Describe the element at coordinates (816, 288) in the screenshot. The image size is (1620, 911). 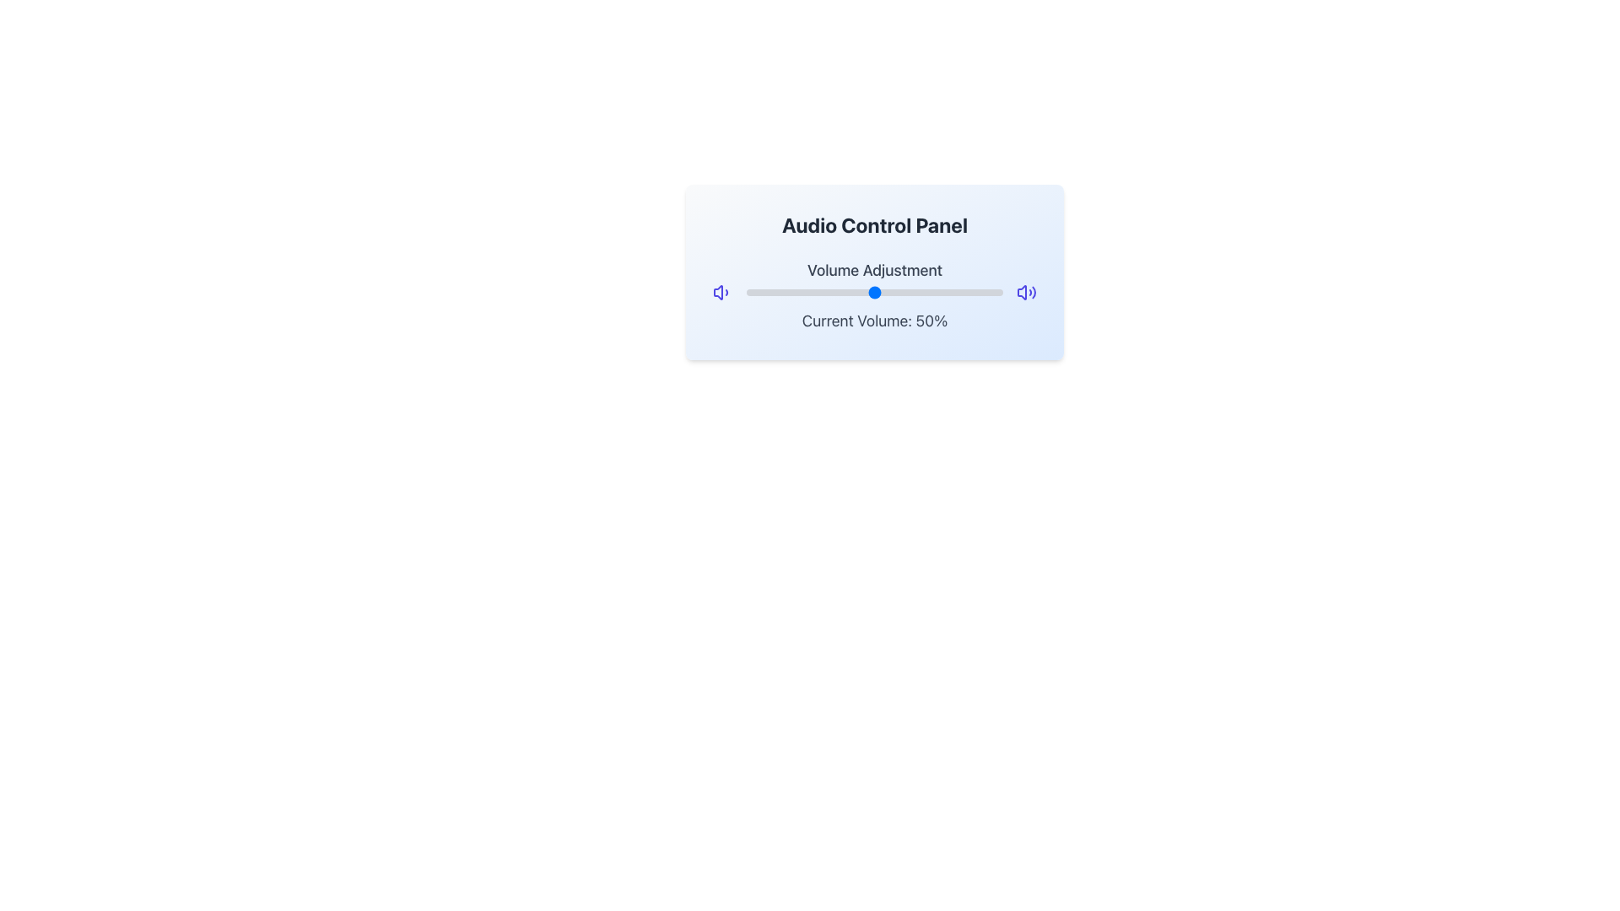
I see `the volume` at that location.